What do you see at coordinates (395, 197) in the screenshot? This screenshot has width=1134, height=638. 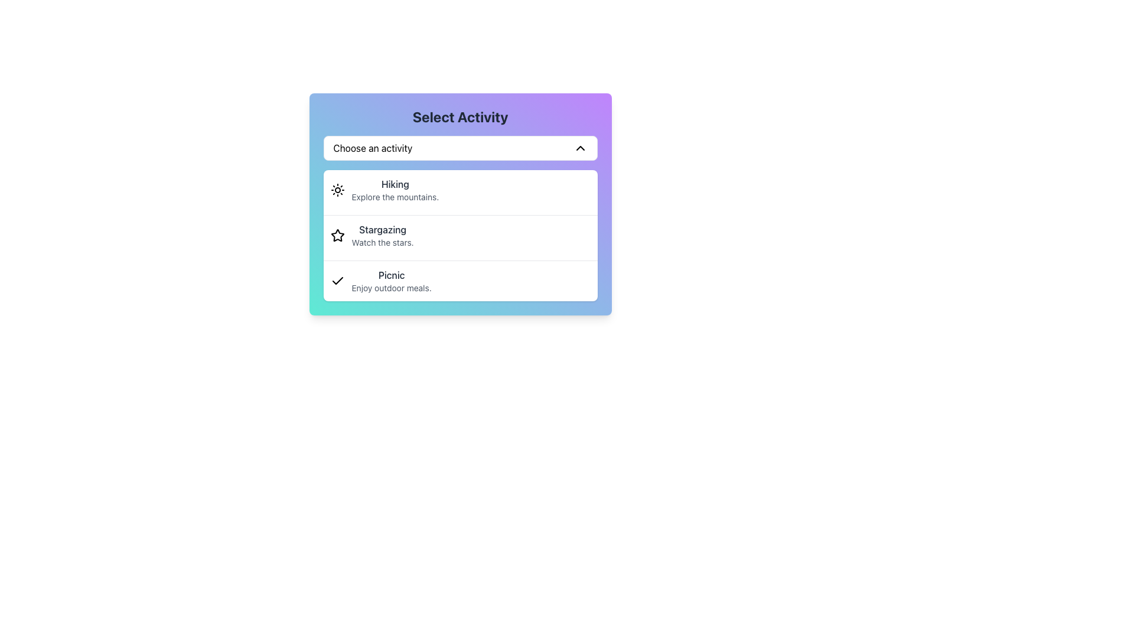 I see `the static text label reading 'Explore the mountains.' which is located beneath the 'Hiking' heading in the dropdown menu of activity options` at bounding box center [395, 197].